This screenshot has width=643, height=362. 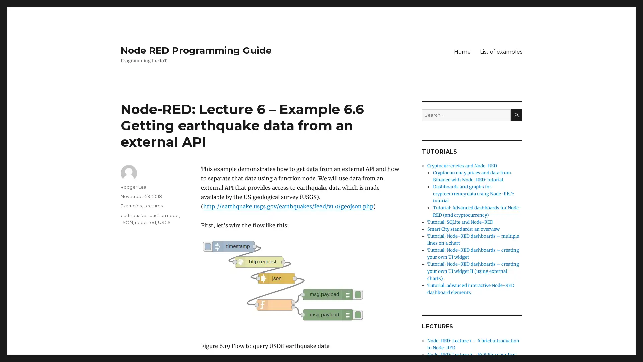 What do you see at coordinates (516, 115) in the screenshot?
I see `SEARCH` at bounding box center [516, 115].